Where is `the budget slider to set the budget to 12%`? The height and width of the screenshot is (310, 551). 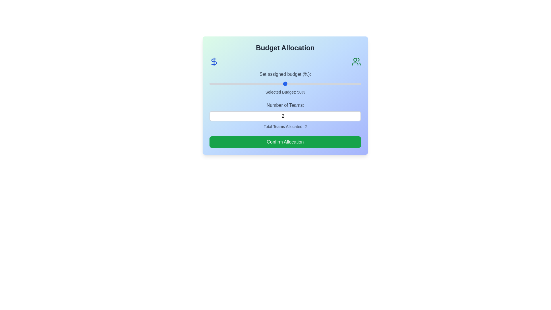 the budget slider to set the budget to 12% is located at coordinates (227, 84).